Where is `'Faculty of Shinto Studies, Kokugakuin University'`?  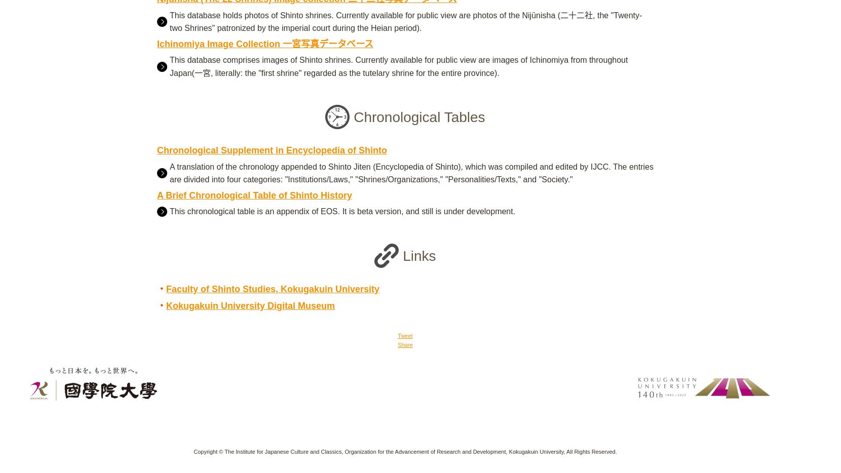
'Faculty of Shinto Studies, Kokugakuin University' is located at coordinates (273, 288).